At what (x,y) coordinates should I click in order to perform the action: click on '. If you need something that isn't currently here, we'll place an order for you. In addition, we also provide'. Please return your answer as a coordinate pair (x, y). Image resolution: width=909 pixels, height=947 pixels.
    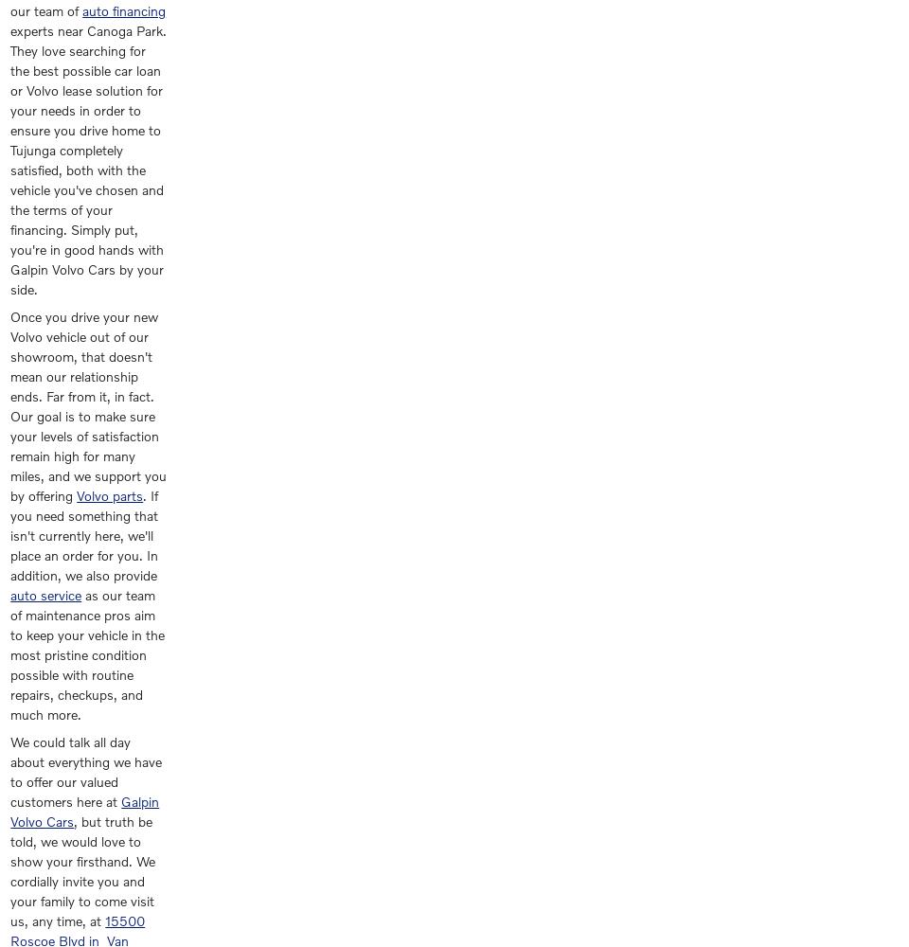
    Looking at the image, I should click on (83, 534).